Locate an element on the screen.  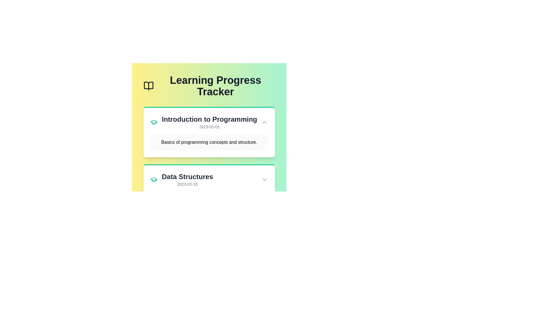
the gray text label displaying '2023-01-01' located beneath the title 'Introduction to Programming' is located at coordinates (209, 127).